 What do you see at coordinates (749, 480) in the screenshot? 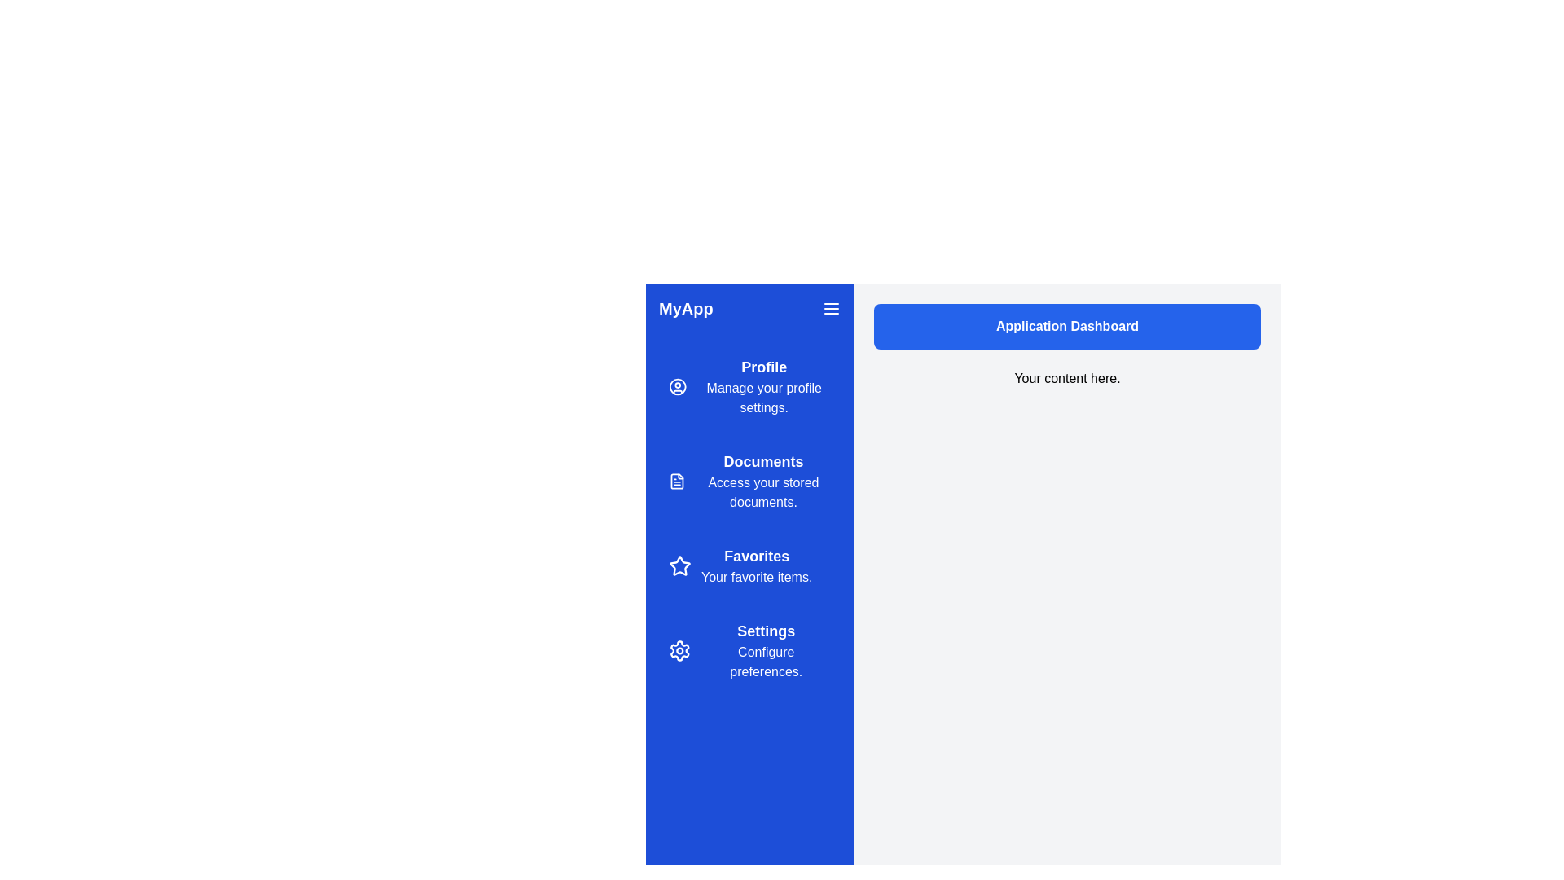
I see `the navigation item labeled Documents to preview its description` at bounding box center [749, 480].